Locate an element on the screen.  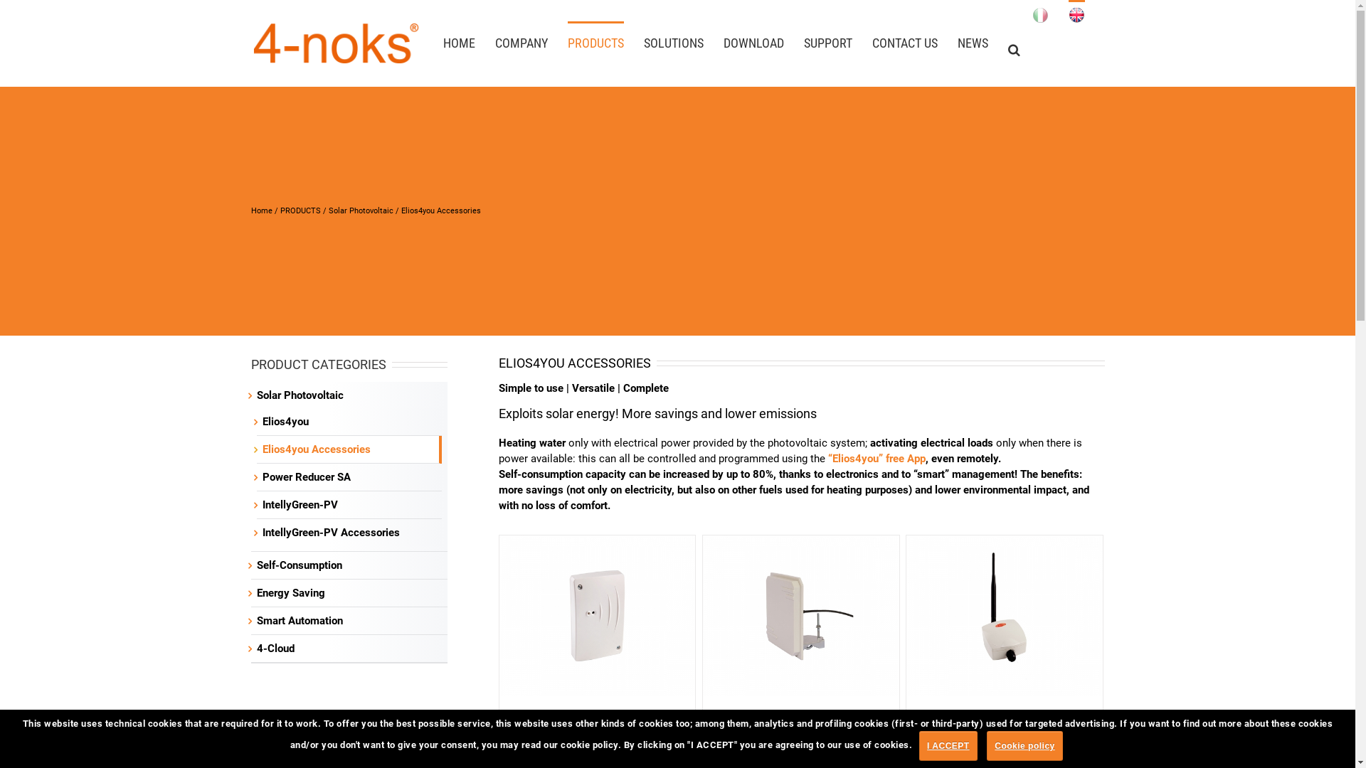
'Power Reducer SA' is located at coordinates (305, 477).